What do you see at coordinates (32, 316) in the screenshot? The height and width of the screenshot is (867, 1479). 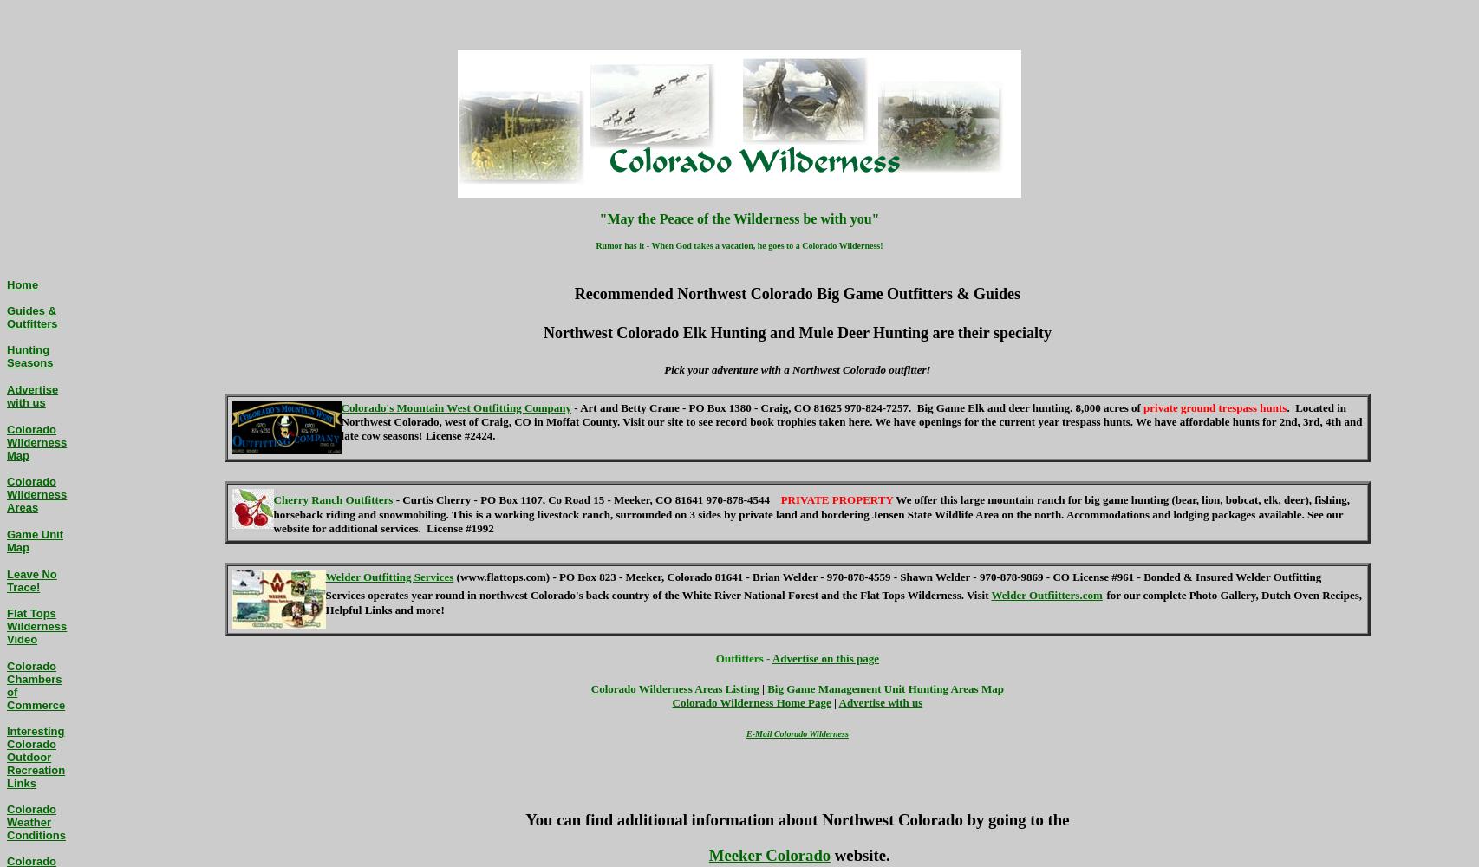 I see `'Guides & Outfitters'` at bounding box center [32, 316].